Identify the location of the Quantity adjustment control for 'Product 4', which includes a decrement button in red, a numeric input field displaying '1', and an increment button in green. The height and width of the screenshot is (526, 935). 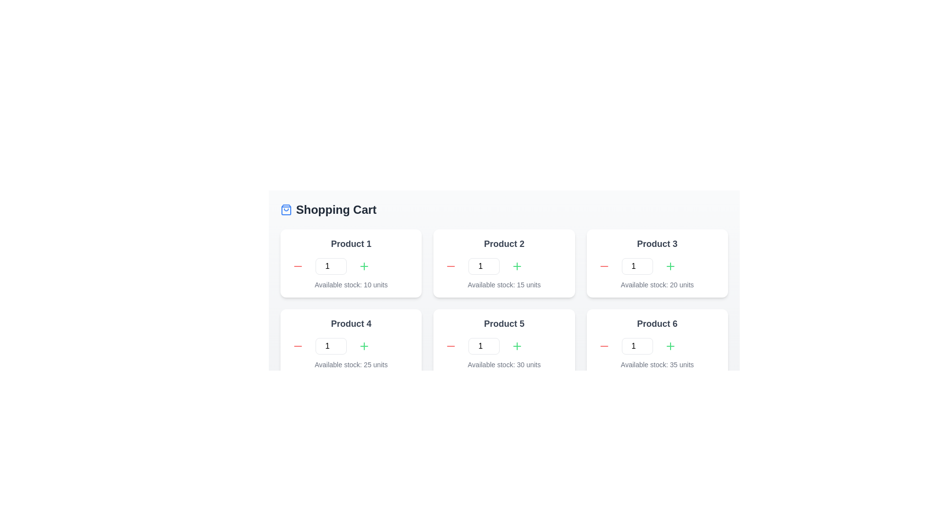
(351, 345).